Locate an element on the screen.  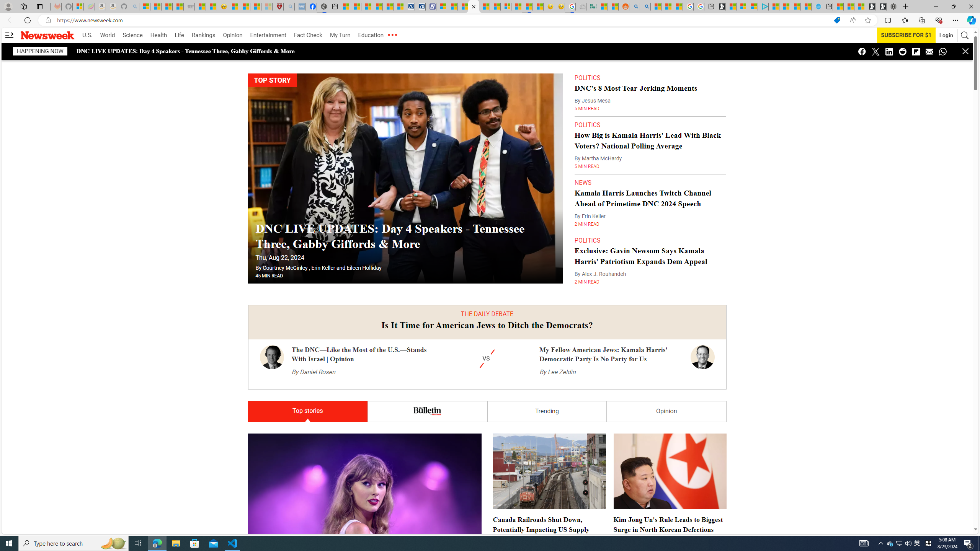
'Class: icon-linkedin' is located at coordinates (889, 51).